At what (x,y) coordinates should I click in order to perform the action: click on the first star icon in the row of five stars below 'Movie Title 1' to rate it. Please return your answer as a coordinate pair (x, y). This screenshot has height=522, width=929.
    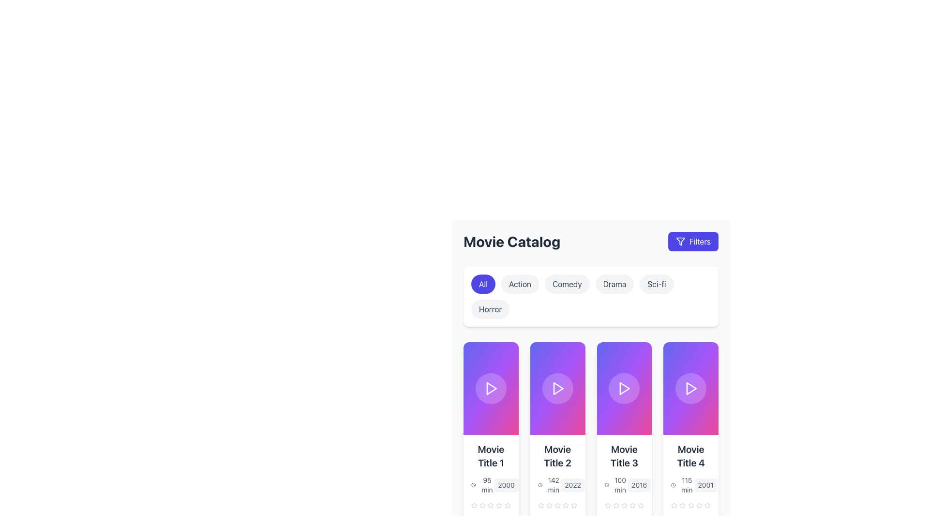
    Looking at the image, I should click on (474, 505).